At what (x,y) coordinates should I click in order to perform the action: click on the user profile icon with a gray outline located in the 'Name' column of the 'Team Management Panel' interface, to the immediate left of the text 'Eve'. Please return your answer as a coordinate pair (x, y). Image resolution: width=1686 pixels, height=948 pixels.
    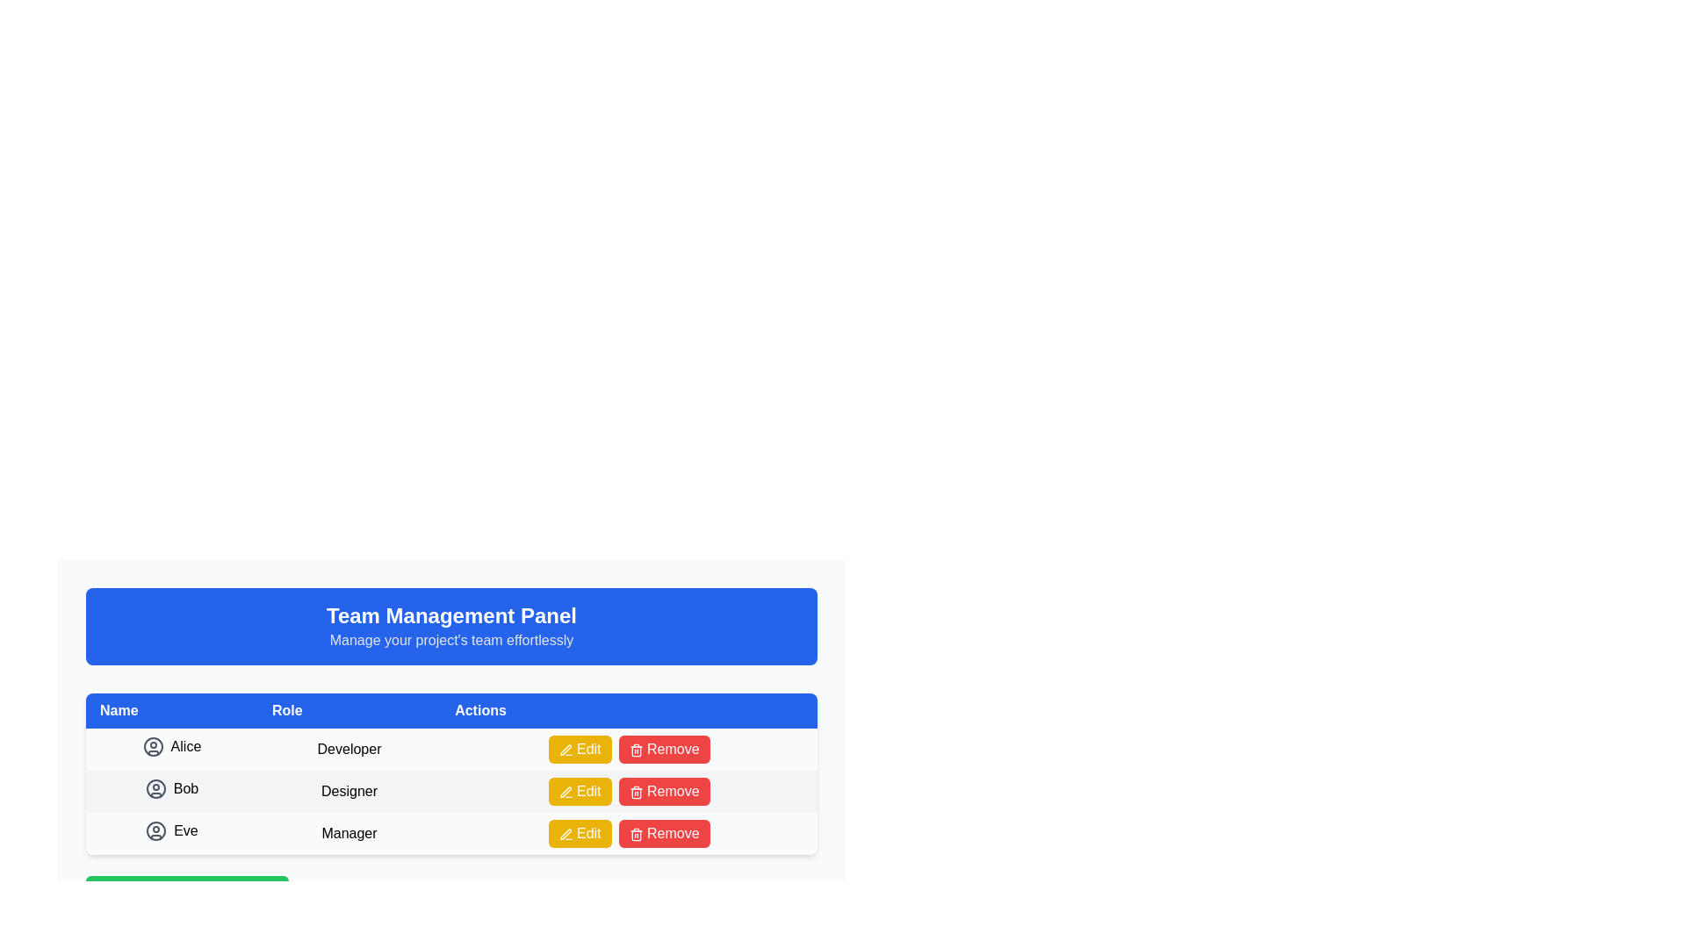
    Looking at the image, I should click on (156, 829).